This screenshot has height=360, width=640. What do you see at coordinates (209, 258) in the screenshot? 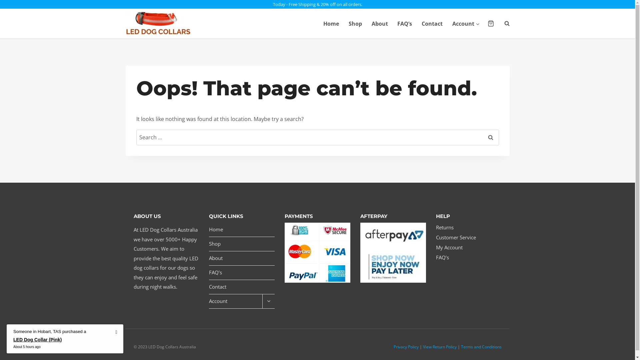
I see `'About'` at bounding box center [209, 258].